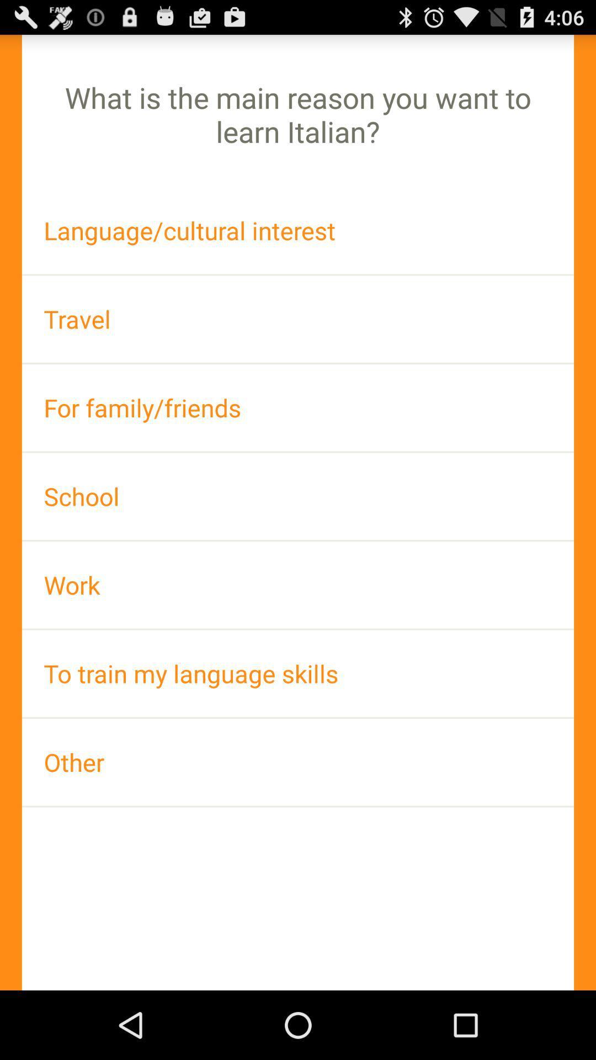 This screenshot has height=1060, width=596. What do you see at coordinates (298, 407) in the screenshot?
I see `item above school icon` at bounding box center [298, 407].